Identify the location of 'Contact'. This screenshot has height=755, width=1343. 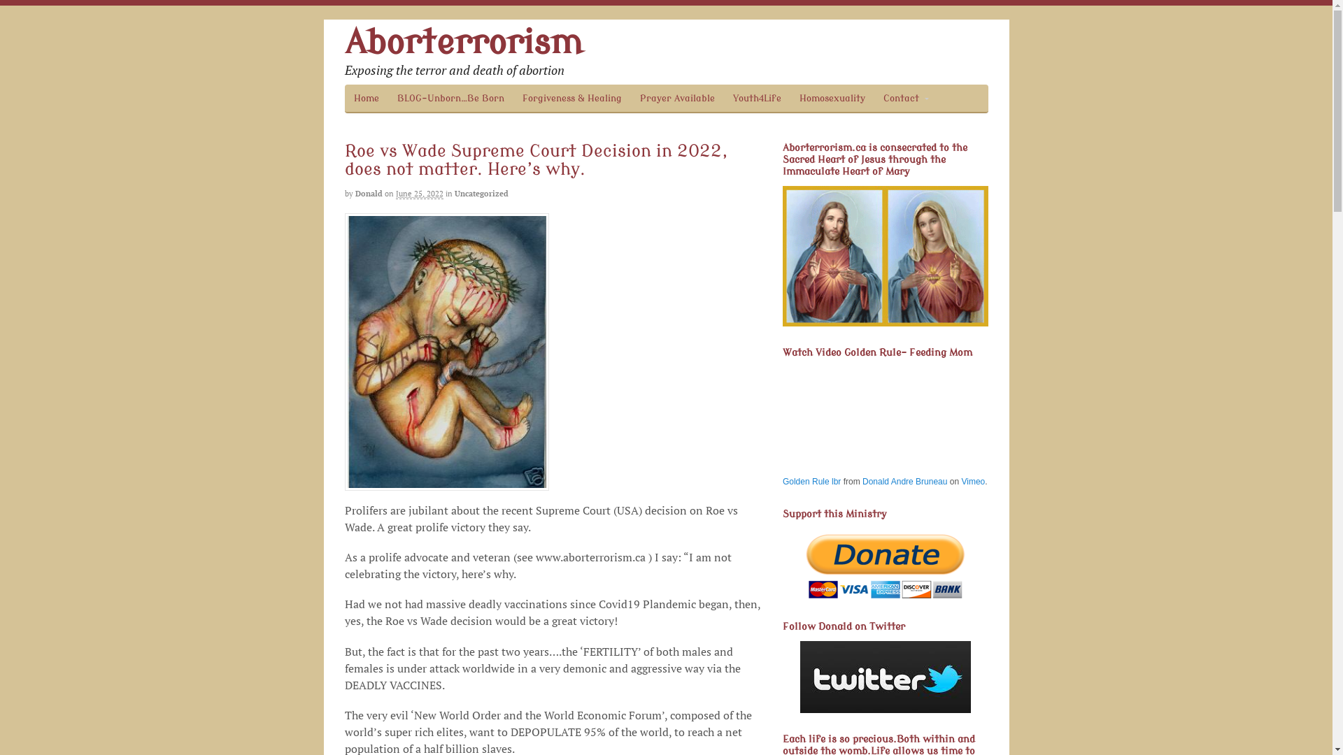
(906, 97).